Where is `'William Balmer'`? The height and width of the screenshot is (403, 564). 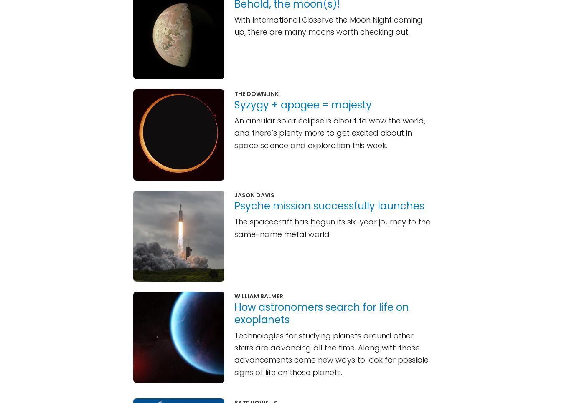
'William Balmer' is located at coordinates (259, 296).